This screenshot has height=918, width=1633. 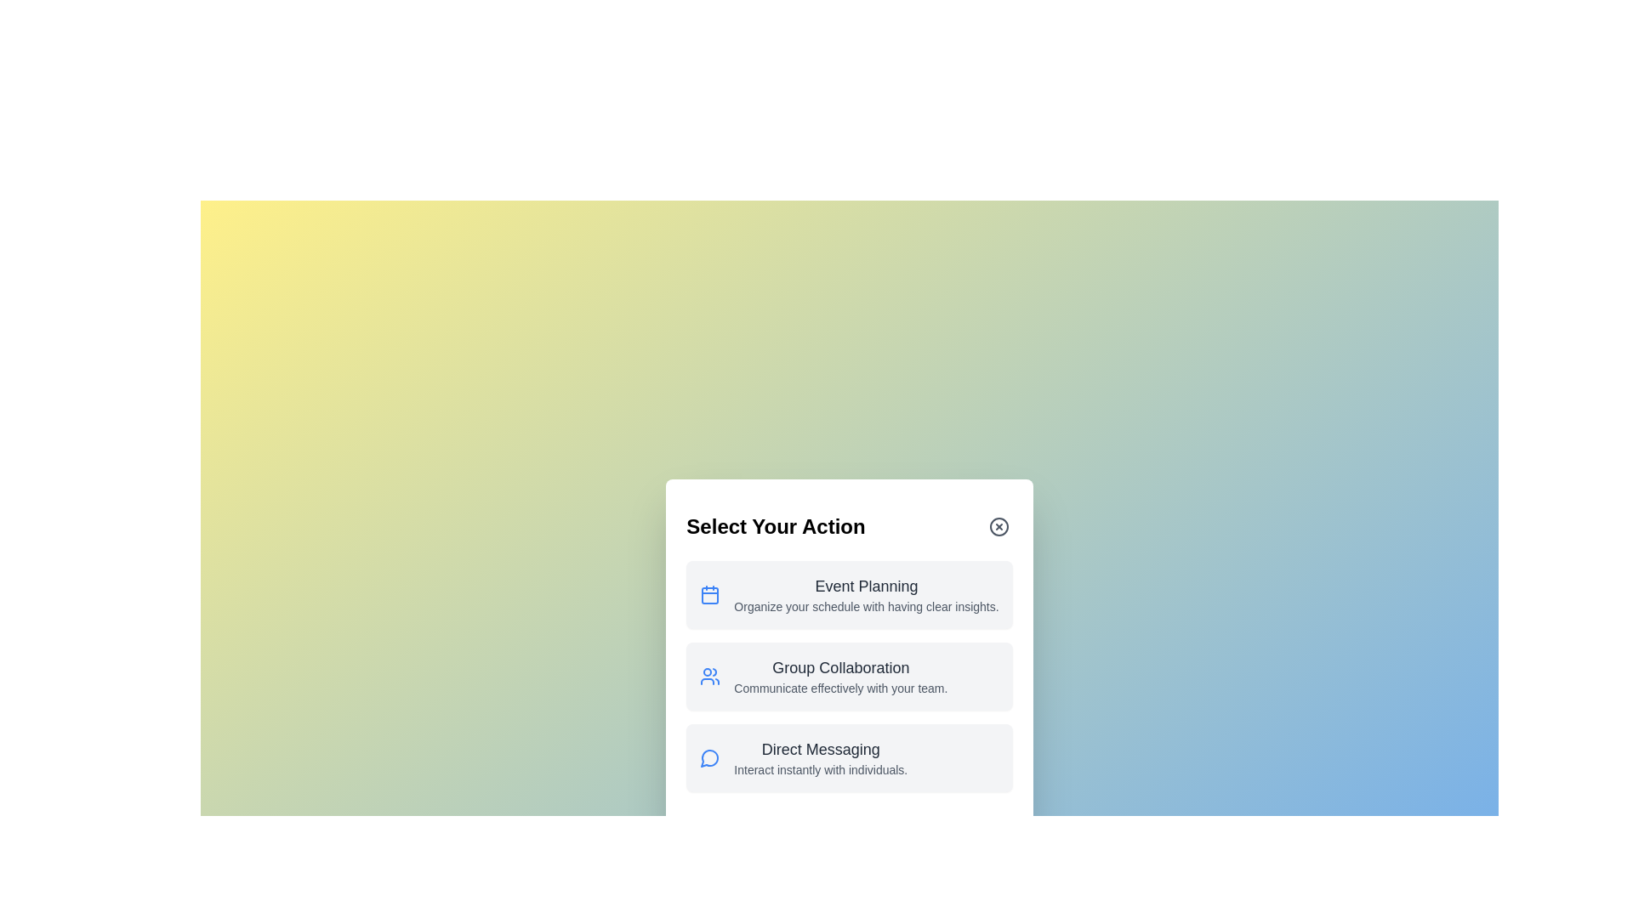 What do you see at coordinates (999, 526) in the screenshot?
I see `the close button to close the dialog` at bounding box center [999, 526].